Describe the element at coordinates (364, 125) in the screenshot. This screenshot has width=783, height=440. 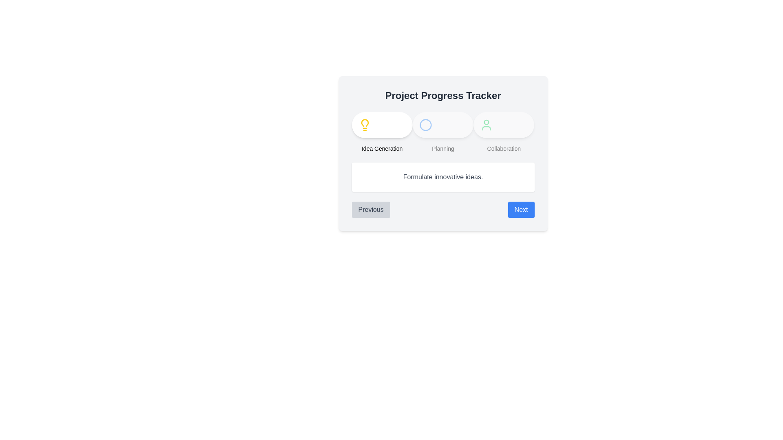
I see `the step icon corresponding to Idea Generation to select it` at that location.